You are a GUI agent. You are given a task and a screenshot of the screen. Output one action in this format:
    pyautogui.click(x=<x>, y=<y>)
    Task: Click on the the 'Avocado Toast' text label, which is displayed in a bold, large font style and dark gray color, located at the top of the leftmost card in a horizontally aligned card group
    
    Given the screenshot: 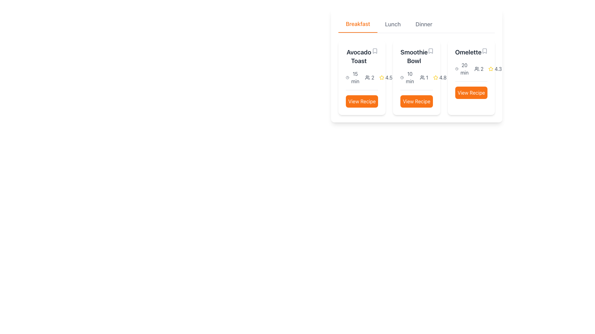 What is the action you would take?
    pyautogui.click(x=359, y=56)
    